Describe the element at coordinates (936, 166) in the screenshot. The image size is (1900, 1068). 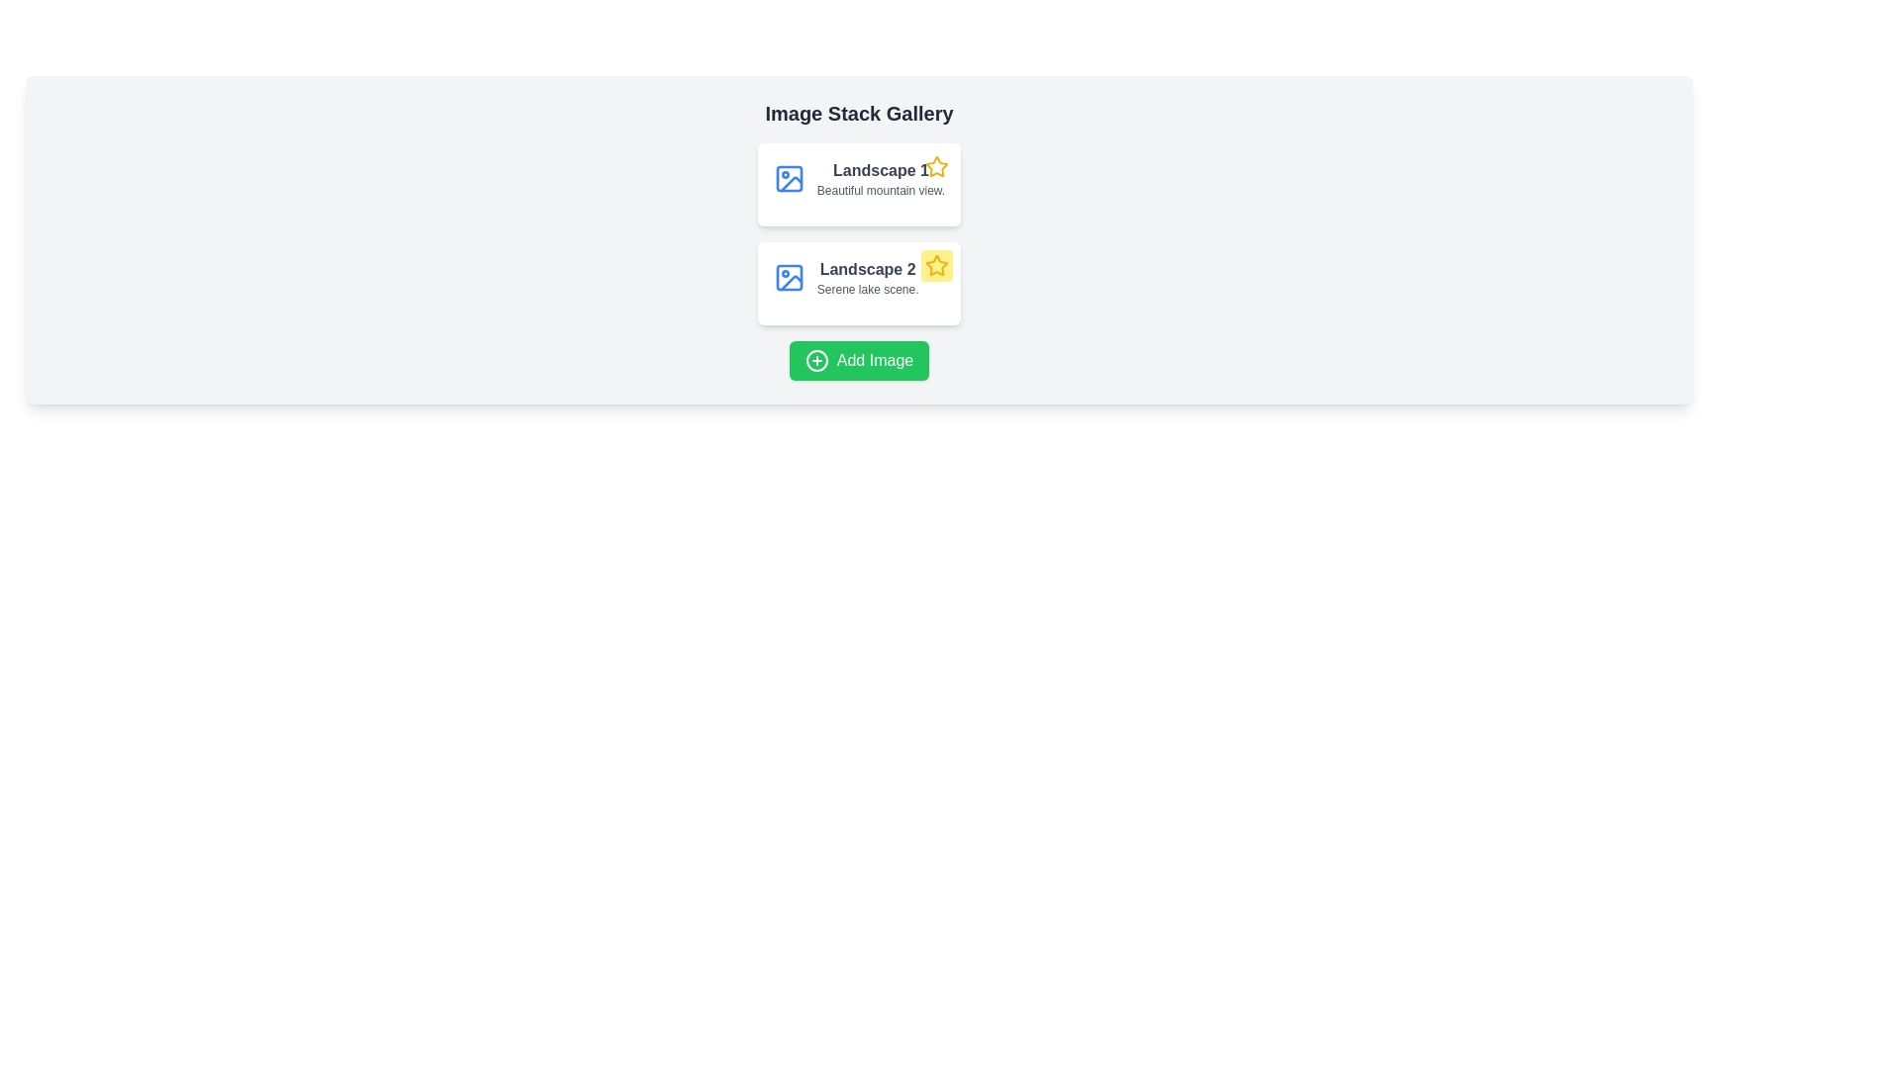
I see `the star icon in the upper-right corner of the 'Landscape' card` at that location.